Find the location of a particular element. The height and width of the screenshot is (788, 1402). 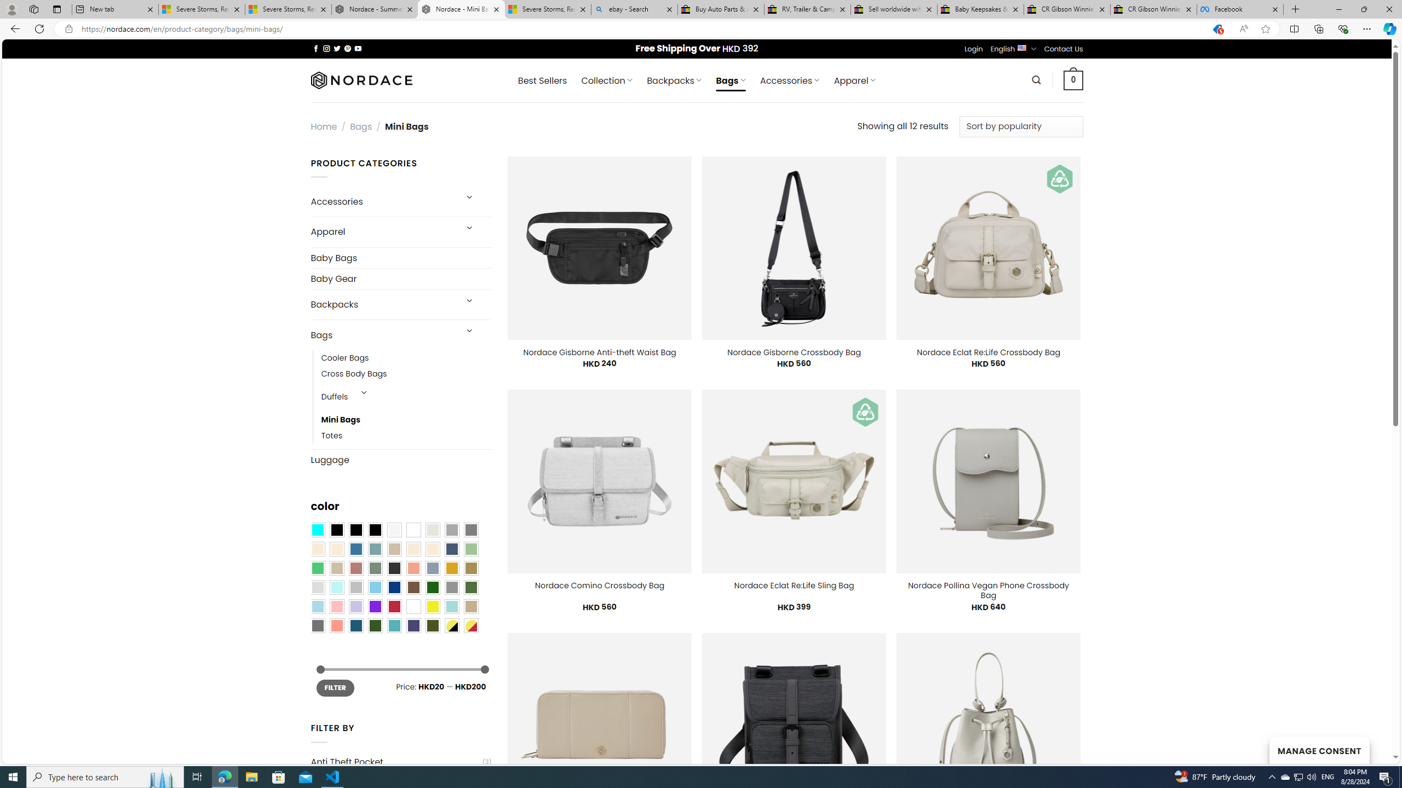

'Blue' is located at coordinates (355, 549).